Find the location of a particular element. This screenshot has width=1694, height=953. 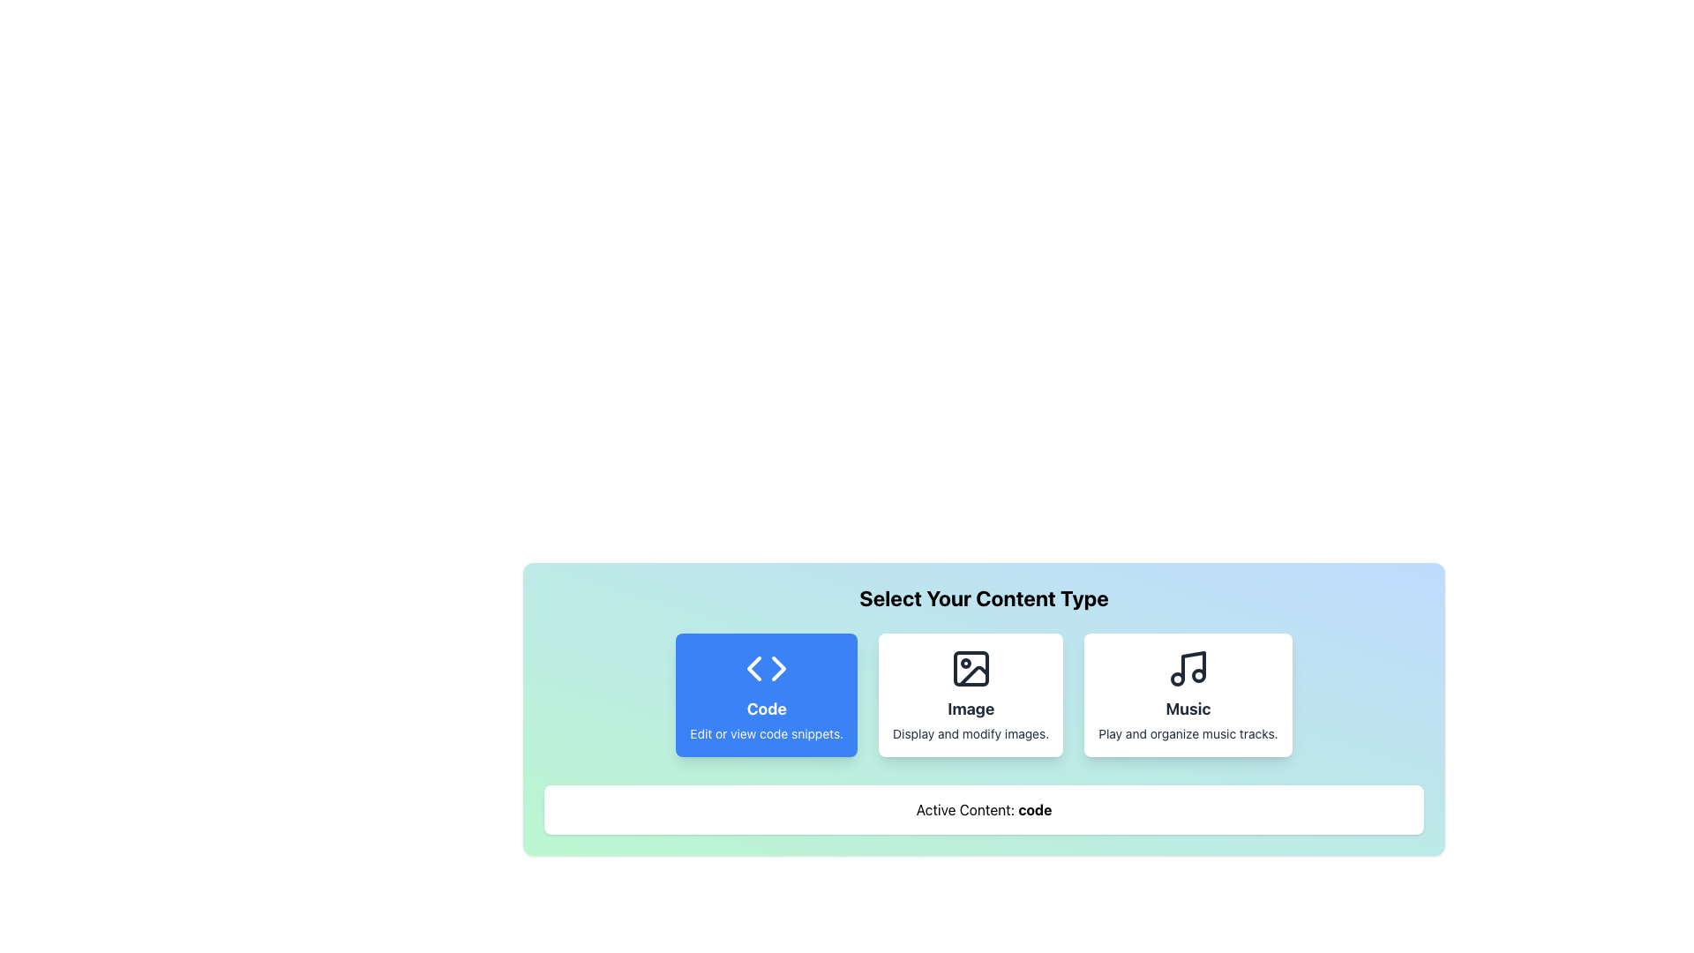

the icon within the button for the 'Image' option under 'Select Your Content Type' is located at coordinates (972, 675).